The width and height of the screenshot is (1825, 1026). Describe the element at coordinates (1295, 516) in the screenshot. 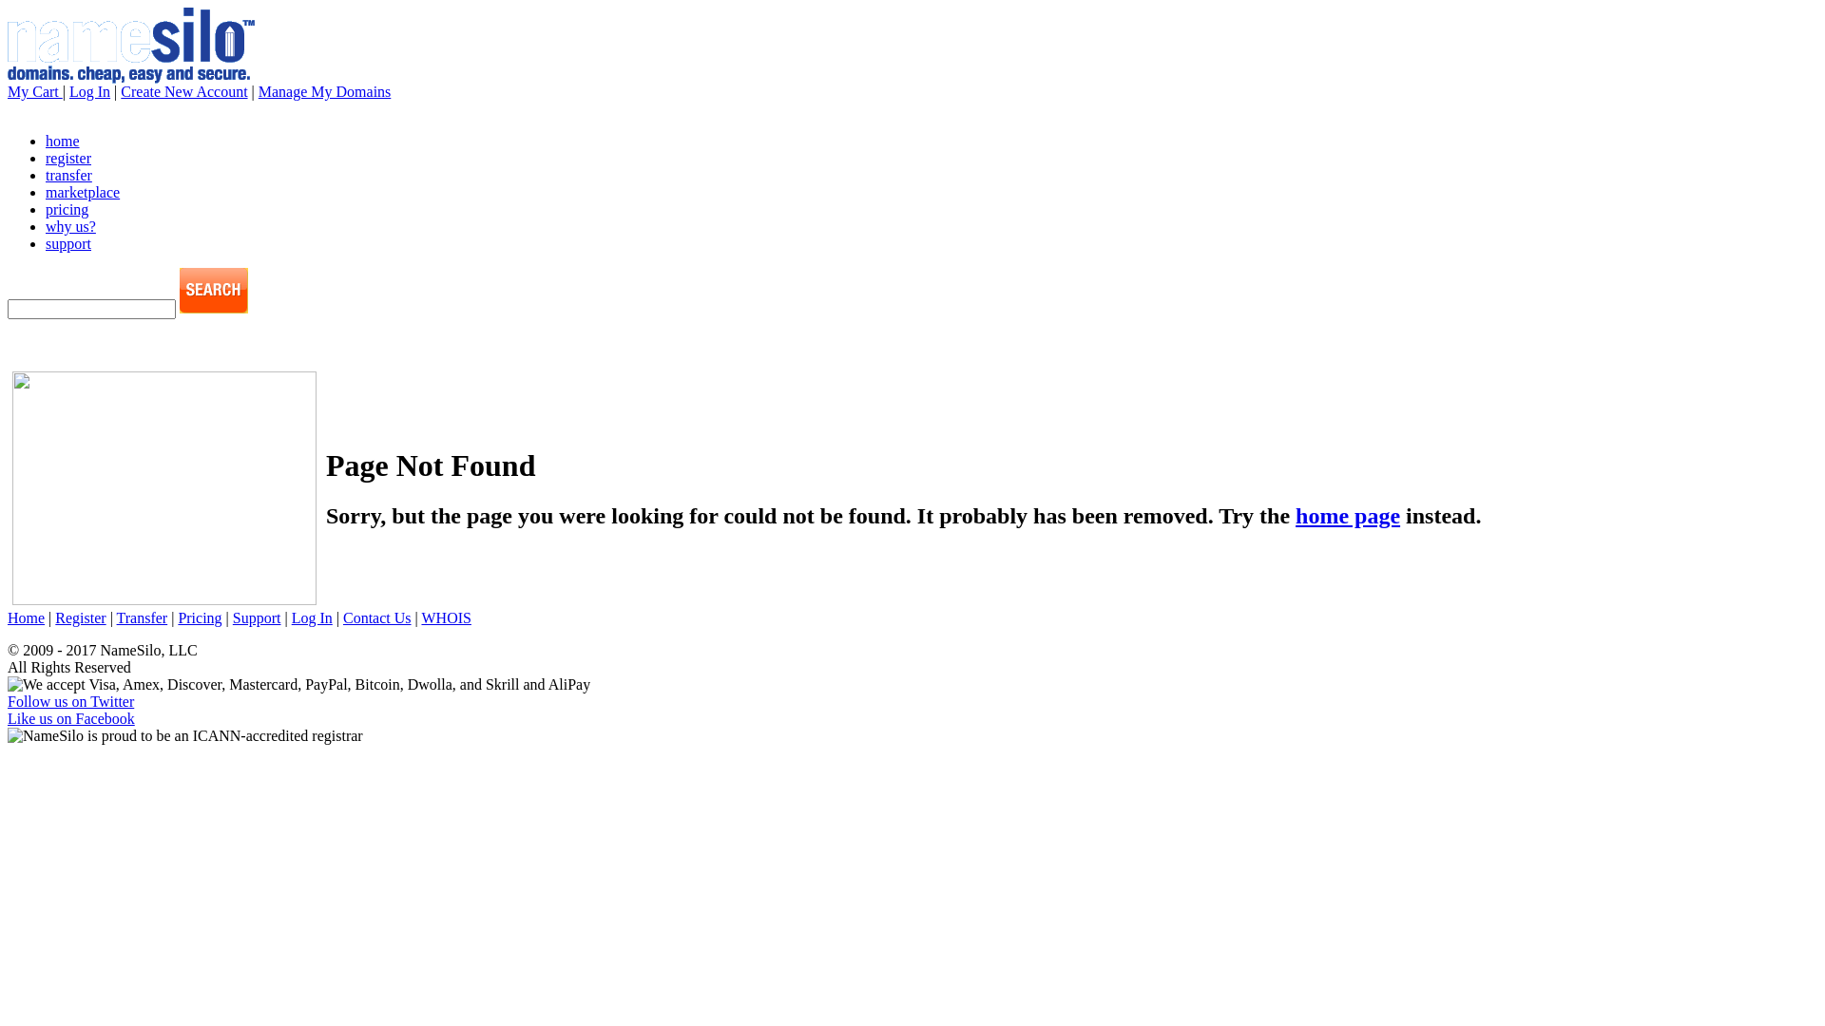

I see `'home page'` at that location.